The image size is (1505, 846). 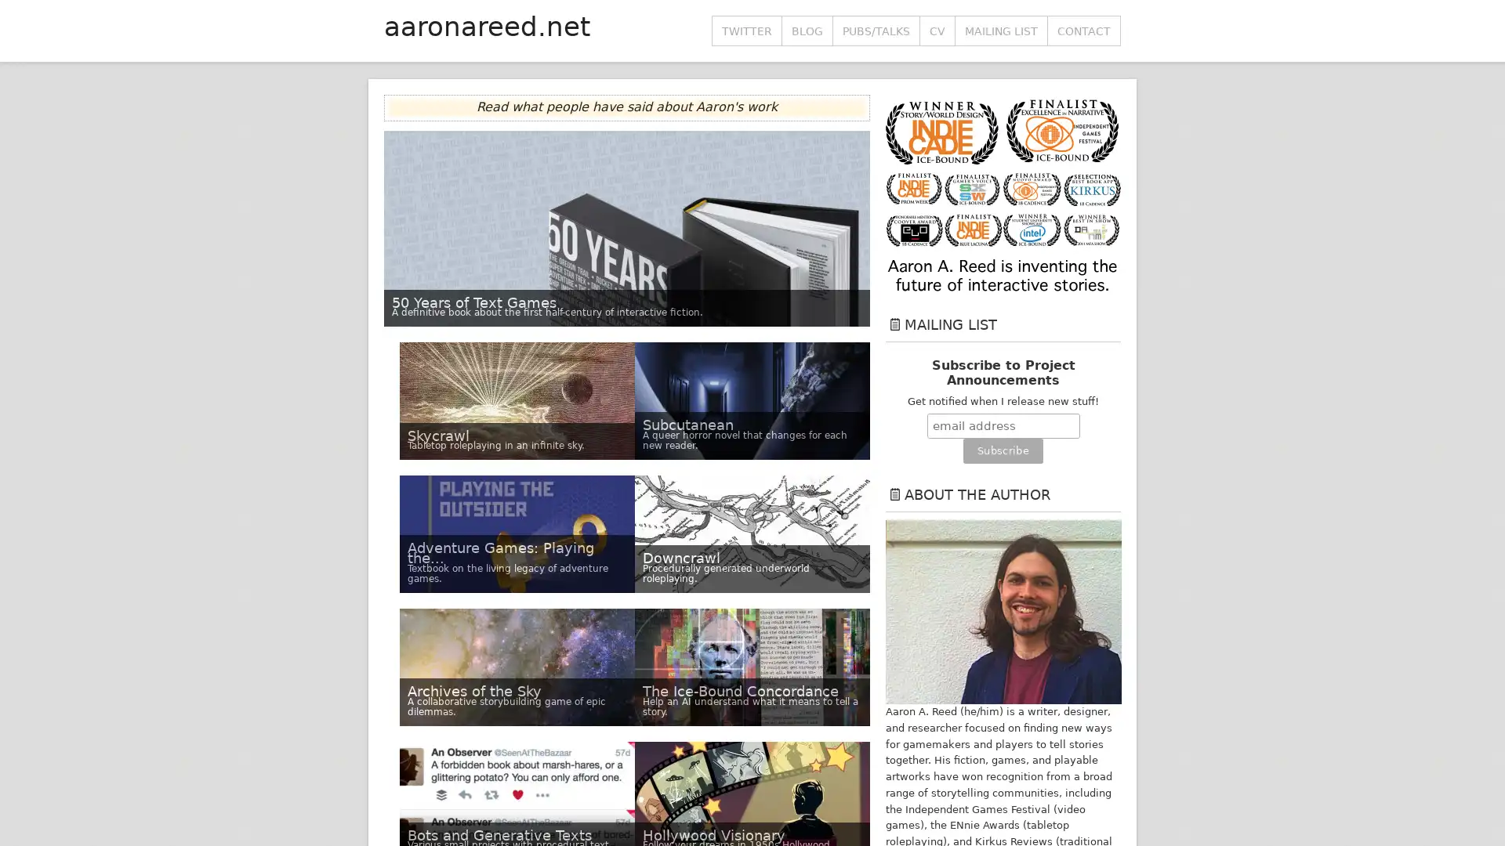 I want to click on Subscribe, so click(x=1002, y=450).